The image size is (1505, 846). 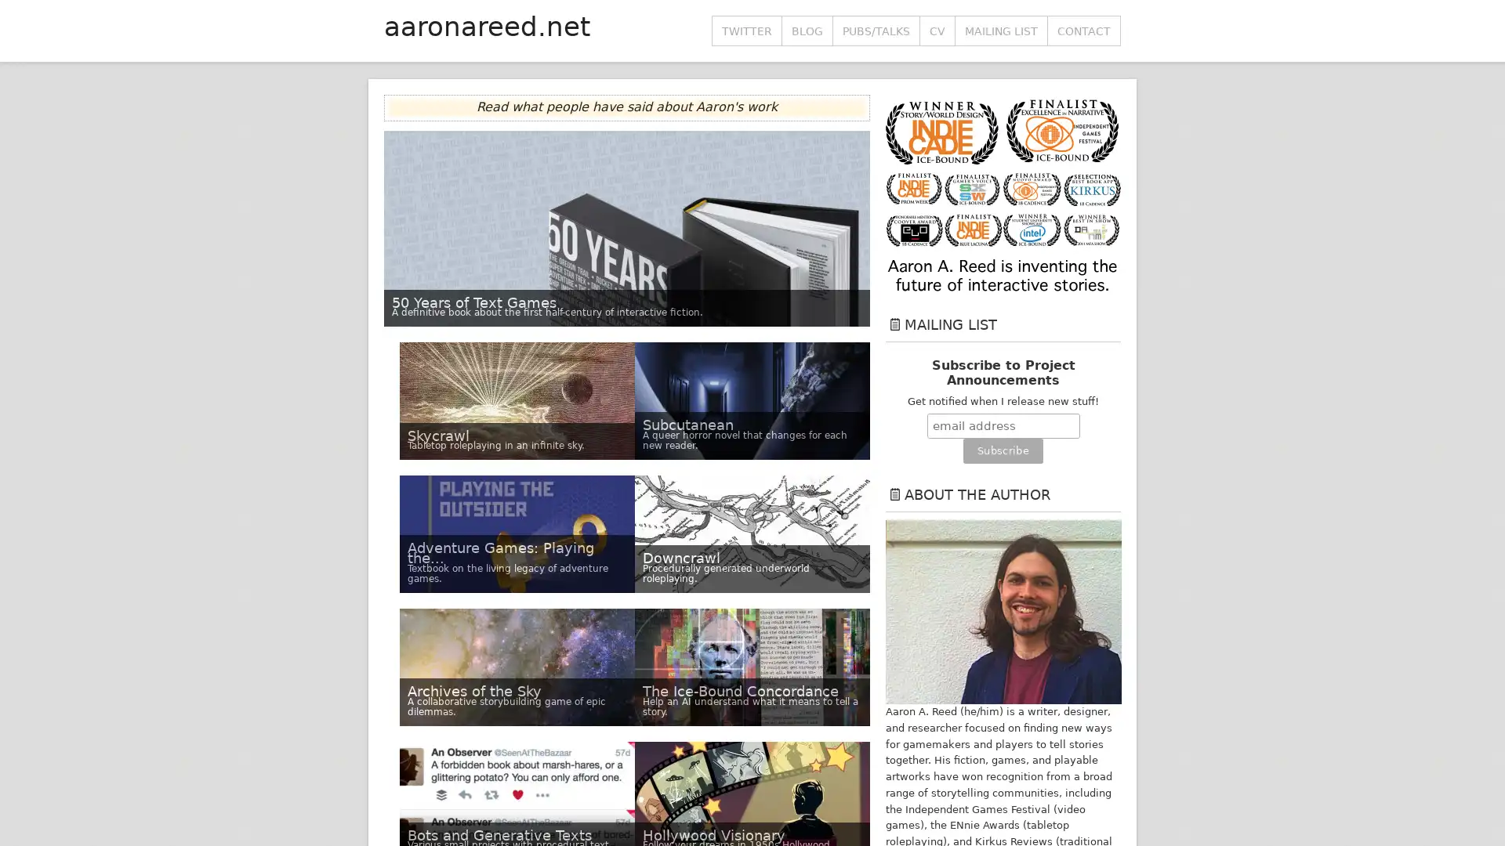 I want to click on Subscribe, so click(x=1002, y=450).